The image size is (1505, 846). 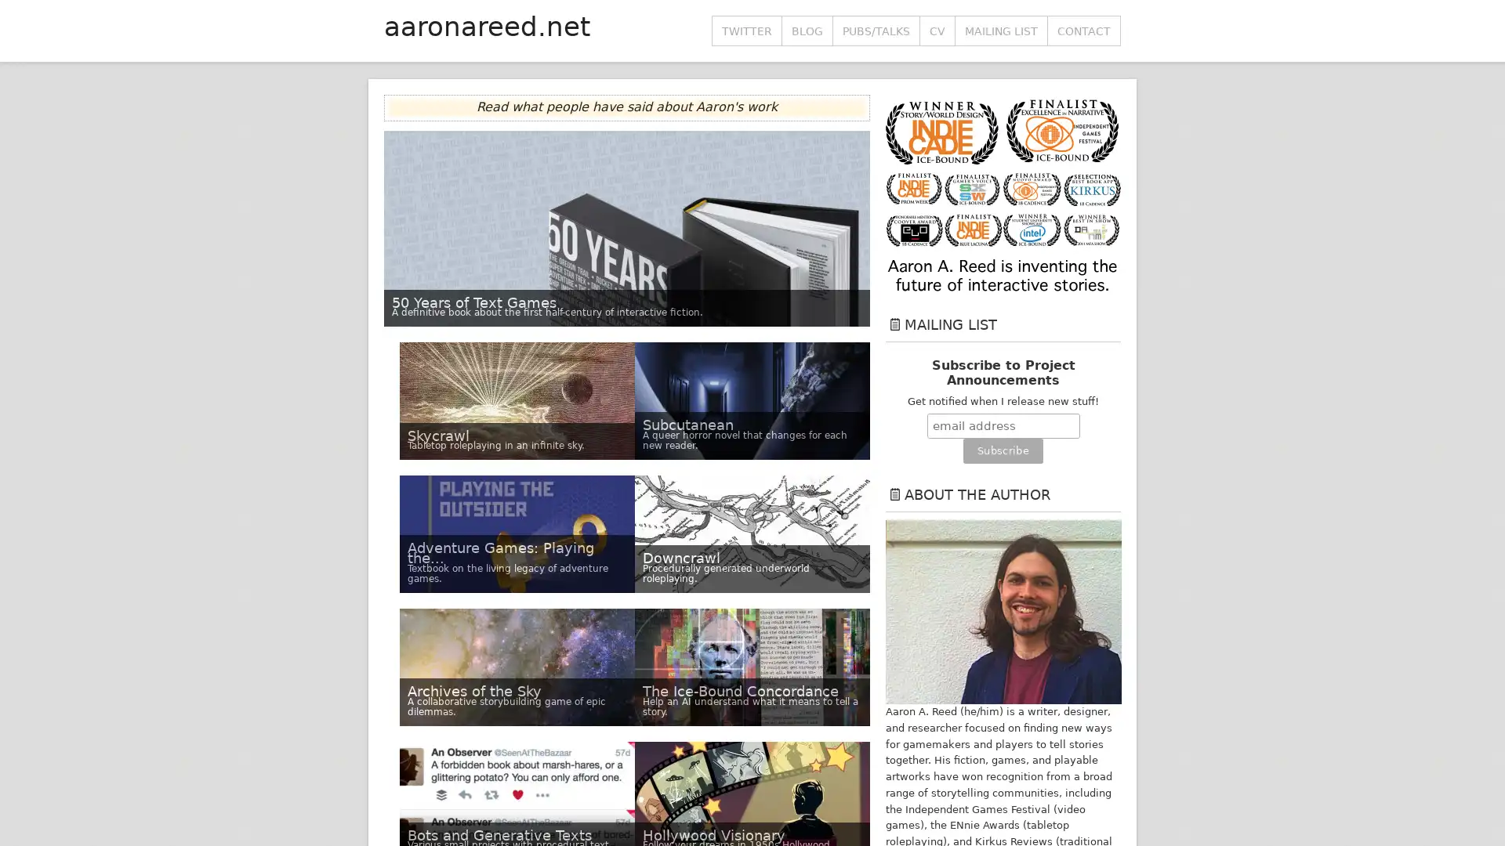 I want to click on Subscribe, so click(x=1002, y=450).